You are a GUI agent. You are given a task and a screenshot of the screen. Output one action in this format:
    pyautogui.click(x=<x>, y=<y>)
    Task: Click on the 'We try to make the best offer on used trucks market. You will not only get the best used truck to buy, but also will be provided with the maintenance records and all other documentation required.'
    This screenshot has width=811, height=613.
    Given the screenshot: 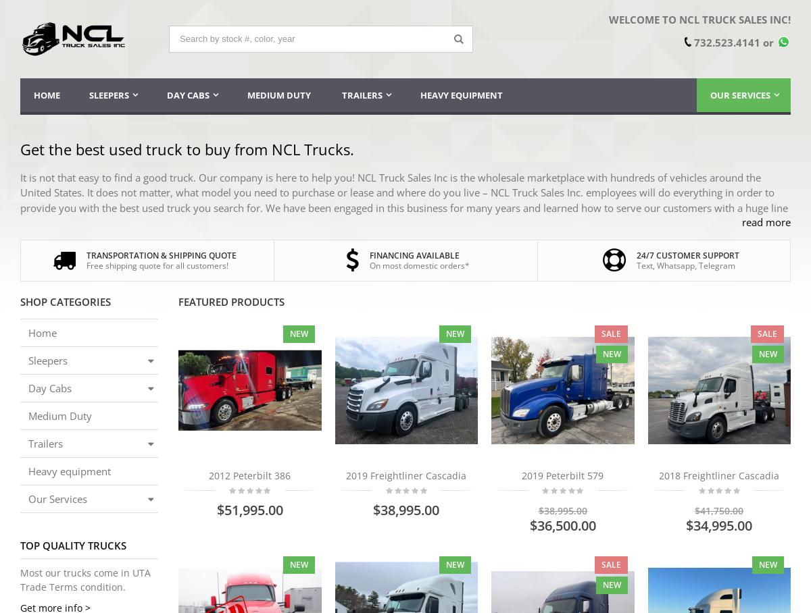 What is the action you would take?
    pyautogui.click(x=20, y=379)
    